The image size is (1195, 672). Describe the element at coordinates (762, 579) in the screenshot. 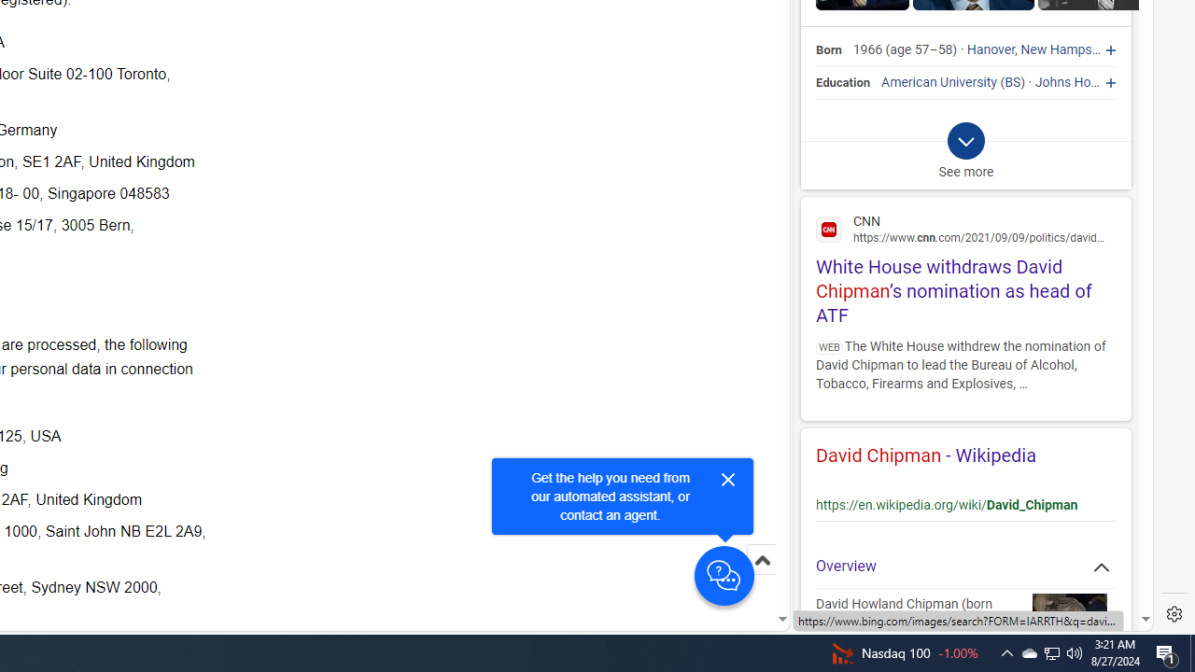

I see `'Scroll to top'` at that location.